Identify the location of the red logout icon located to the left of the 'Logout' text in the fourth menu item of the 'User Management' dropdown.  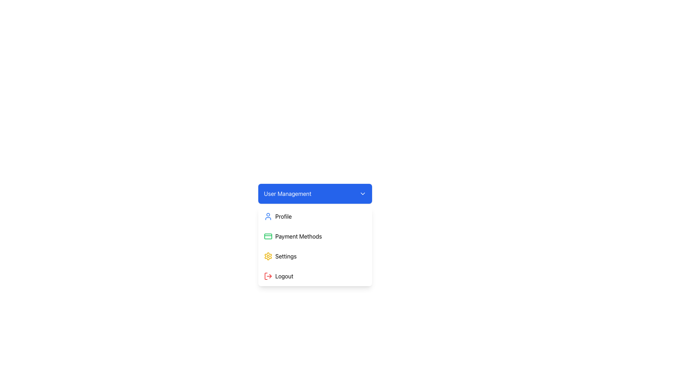
(268, 276).